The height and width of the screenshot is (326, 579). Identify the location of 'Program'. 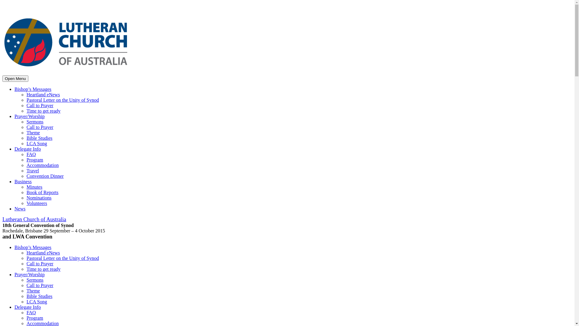
(34, 318).